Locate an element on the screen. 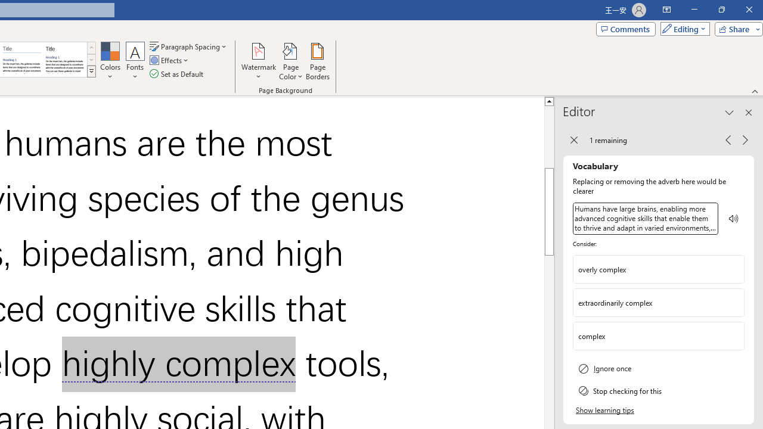 The height and width of the screenshot is (429, 763). 'Word 2013' is located at coordinates (64, 60).